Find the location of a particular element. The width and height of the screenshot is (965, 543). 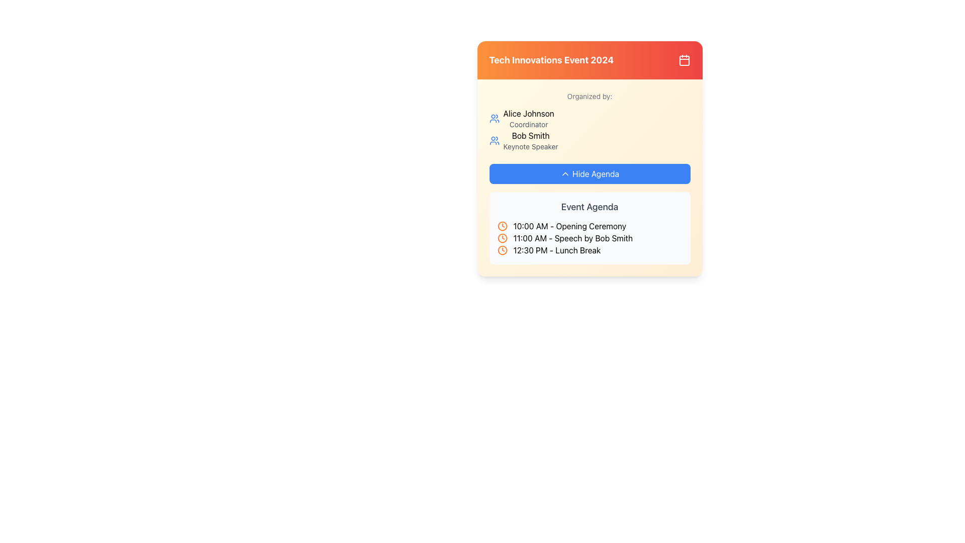

the static text label displaying the role 'Coordinator' associated with 'Alice Johnson' located in the 'Organized by' section of the interface is located at coordinates (528, 124).